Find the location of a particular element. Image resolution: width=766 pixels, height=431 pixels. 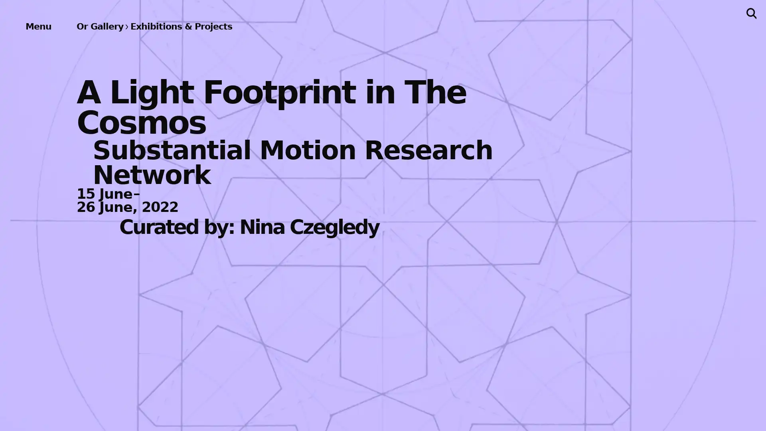

About is located at coordinates (173, 316).